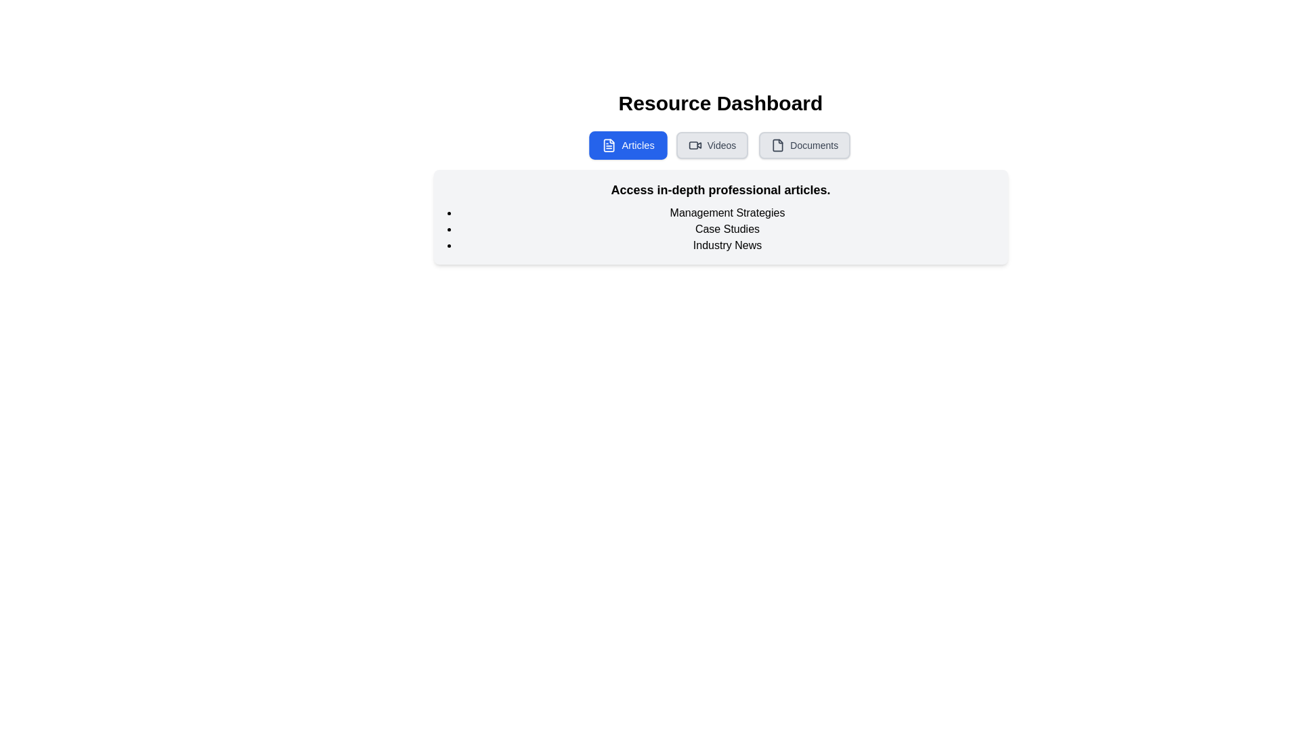 This screenshot has width=1300, height=731. What do you see at coordinates (627, 146) in the screenshot?
I see `the 'Articles' tab button with a blue background and white text` at bounding box center [627, 146].